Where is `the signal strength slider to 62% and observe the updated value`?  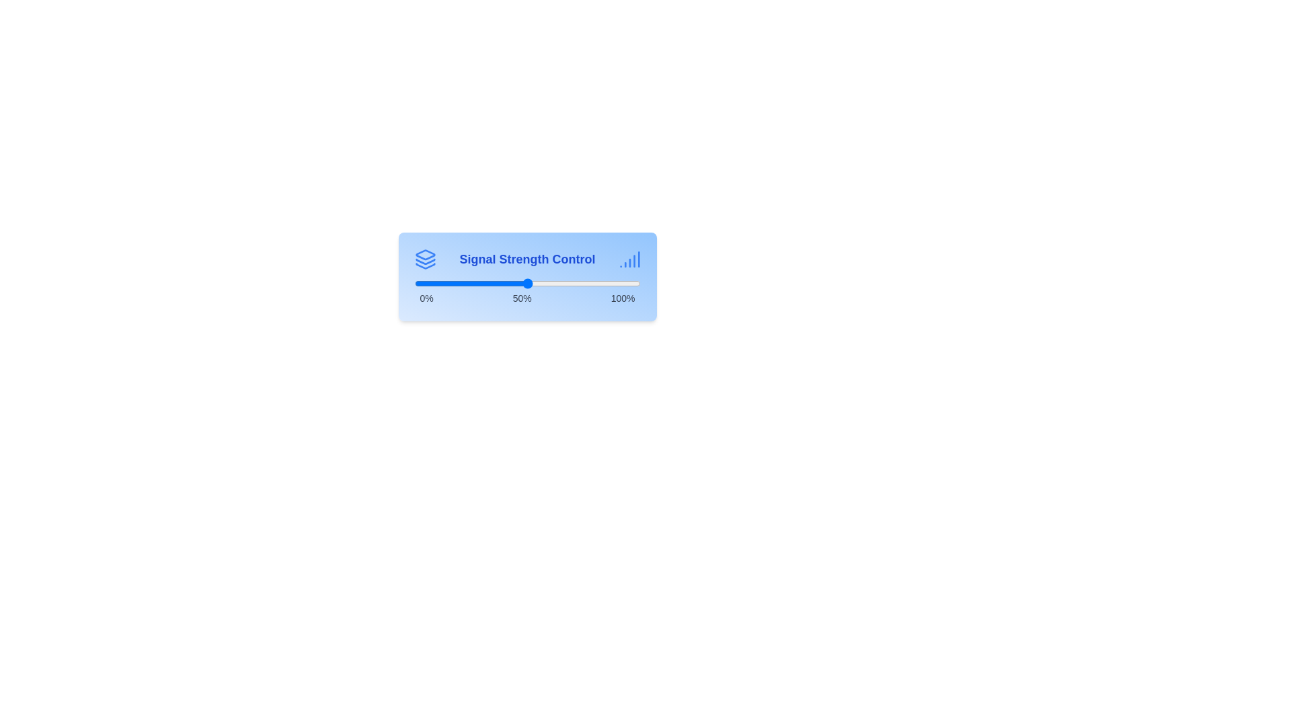
the signal strength slider to 62% and observe the updated value is located at coordinates (554, 282).